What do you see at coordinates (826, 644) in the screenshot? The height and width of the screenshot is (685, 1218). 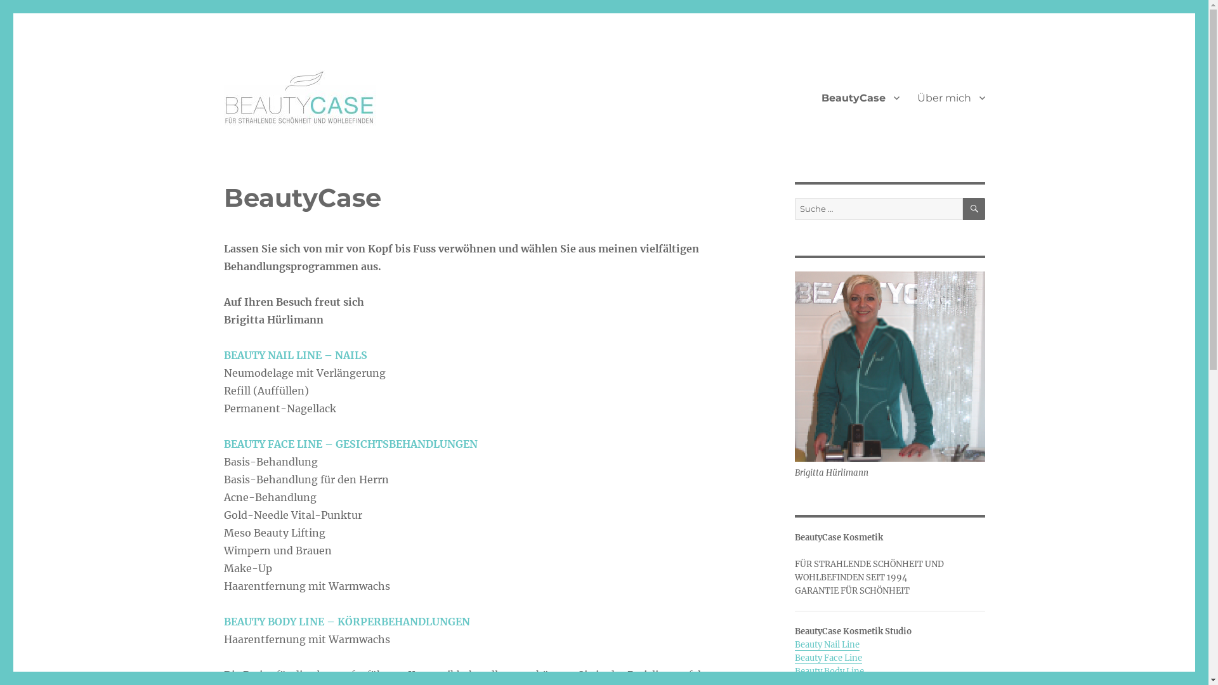 I see `'Beauty Nail Line'` at bounding box center [826, 644].